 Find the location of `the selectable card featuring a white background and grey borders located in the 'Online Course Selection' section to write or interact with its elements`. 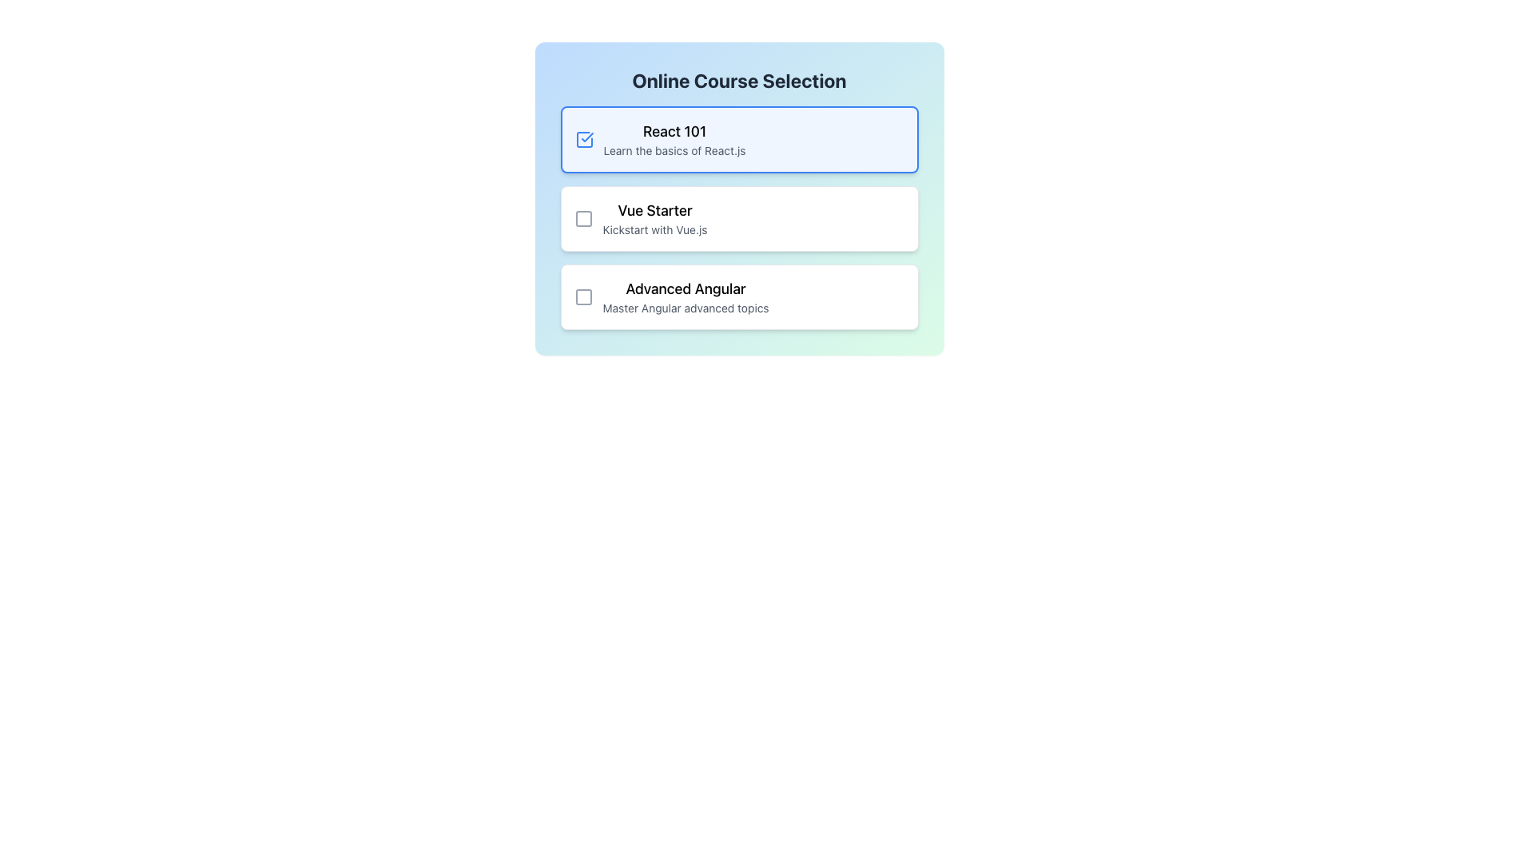

the selectable card featuring a white background and grey borders located in the 'Online Course Selection' section to write or interact with its elements is located at coordinates (738, 218).